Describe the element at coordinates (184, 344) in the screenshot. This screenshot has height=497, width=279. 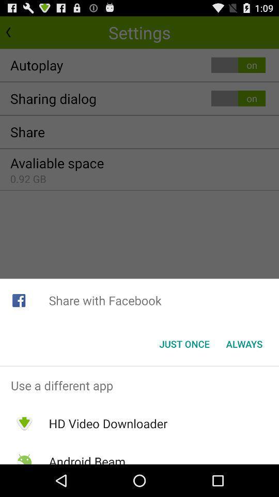
I see `just once icon` at that location.